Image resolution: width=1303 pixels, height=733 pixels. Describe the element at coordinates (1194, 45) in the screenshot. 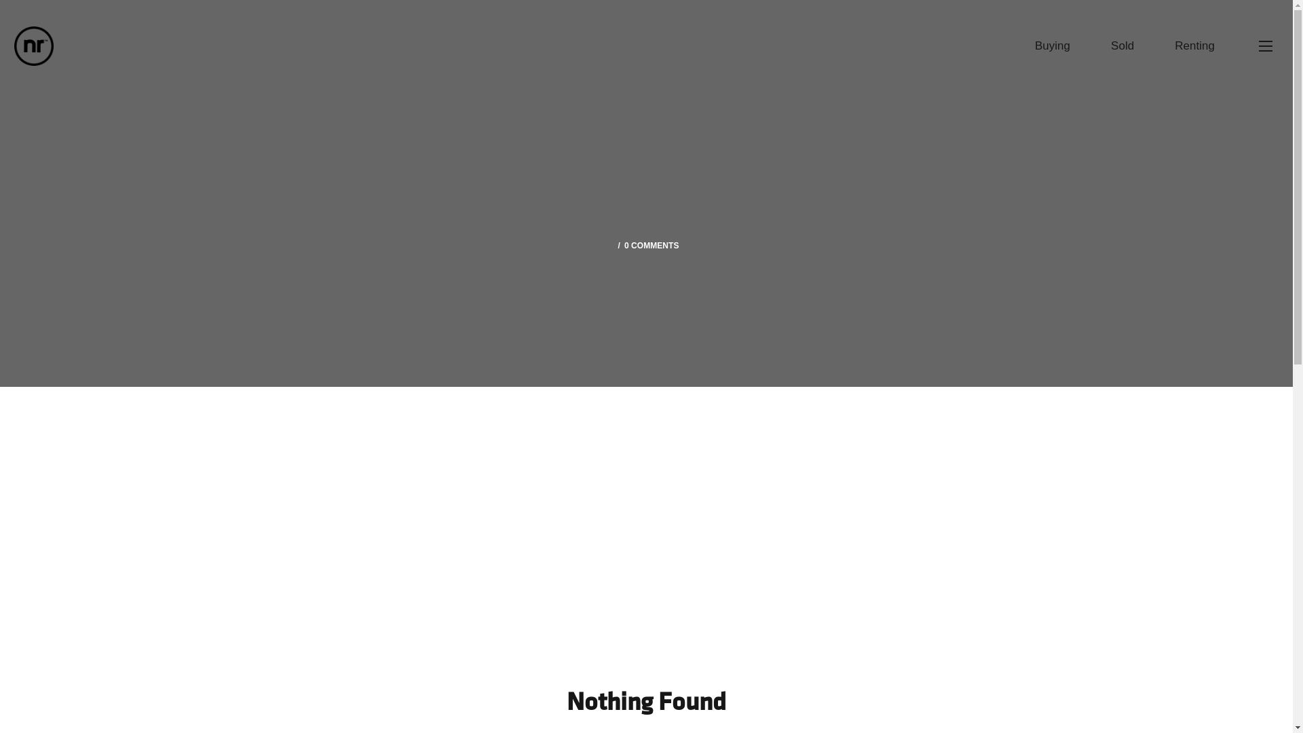

I see `'Renting'` at that location.